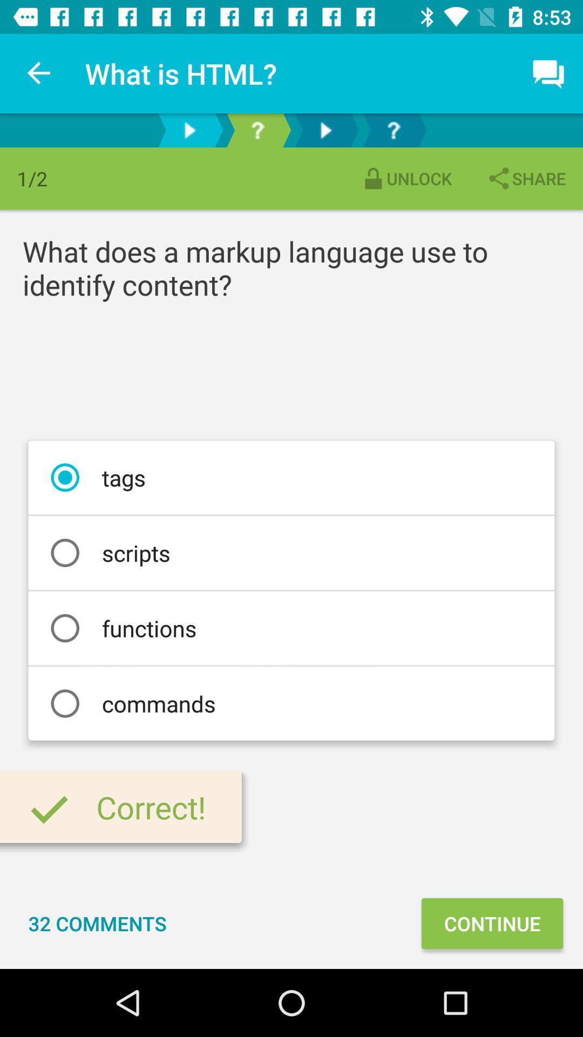  What do you see at coordinates (492, 922) in the screenshot?
I see `item at the bottom right corner` at bounding box center [492, 922].